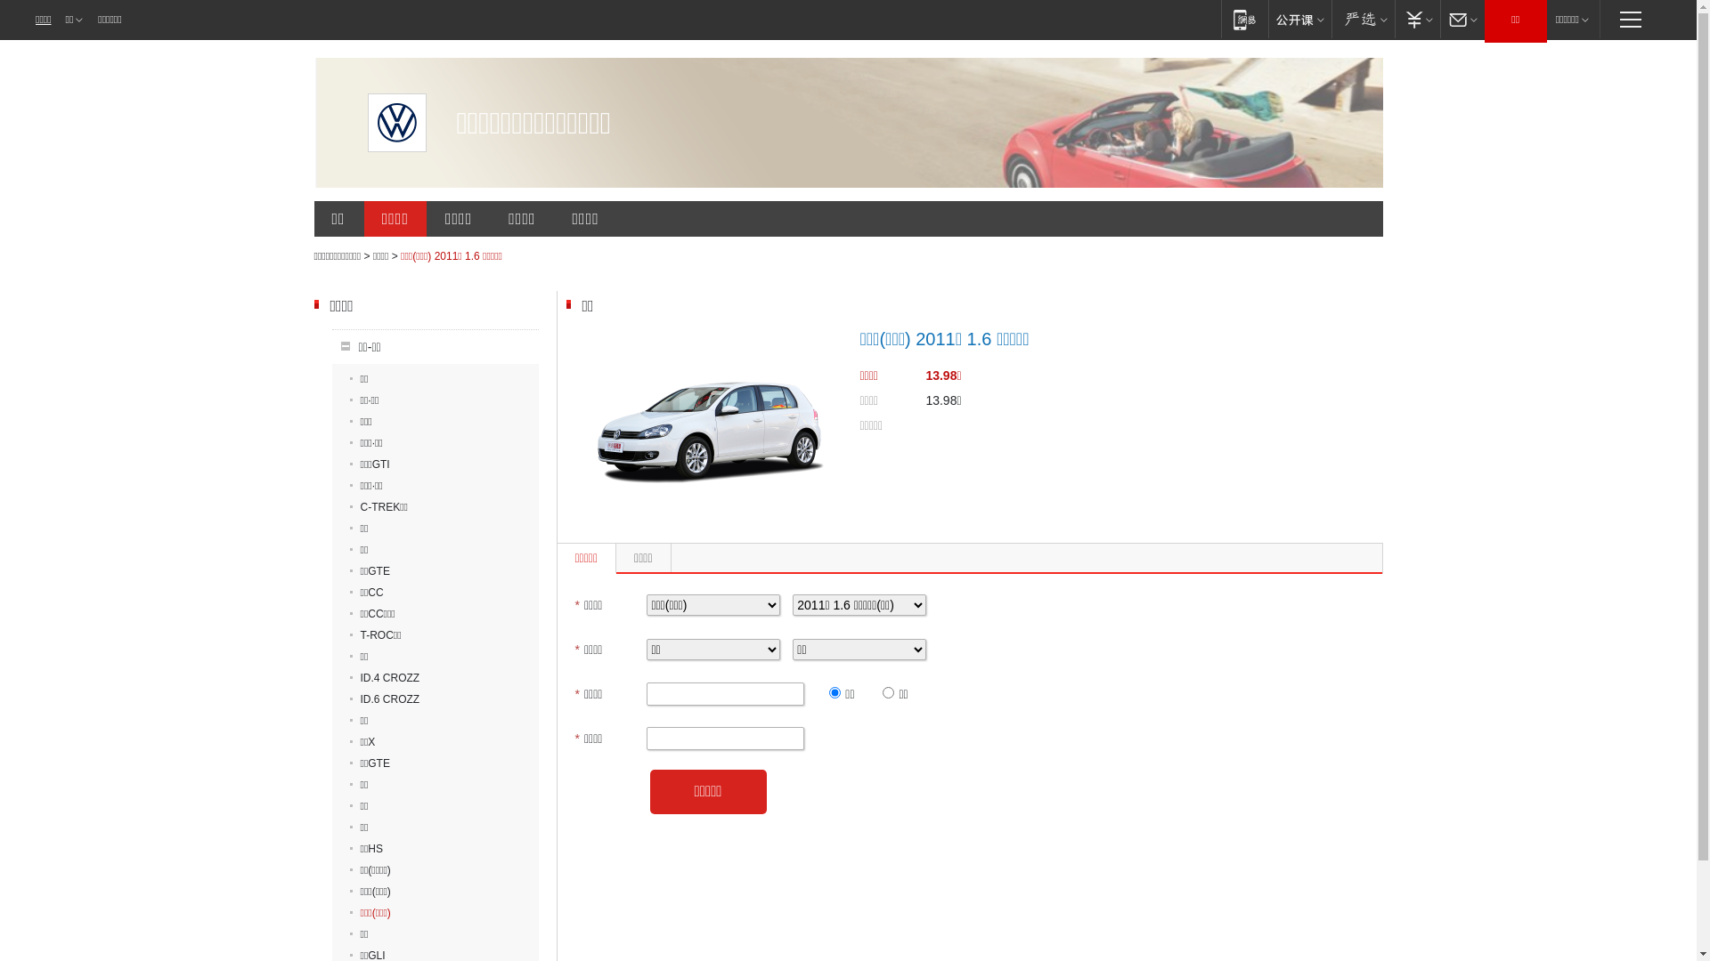 The image size is (1710, 961). I want to click on 'ID.6 CROZZ', so click(383, 699).